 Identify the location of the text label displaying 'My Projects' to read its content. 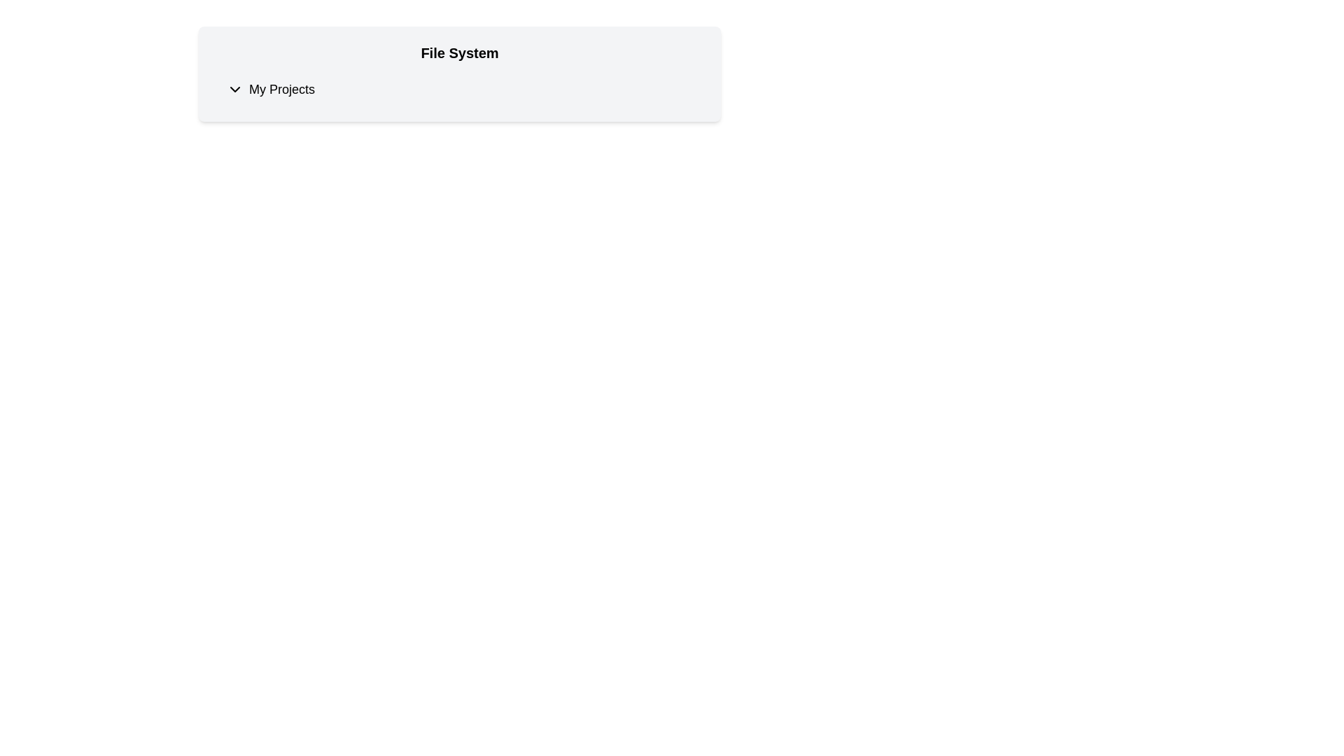
(281, 89).